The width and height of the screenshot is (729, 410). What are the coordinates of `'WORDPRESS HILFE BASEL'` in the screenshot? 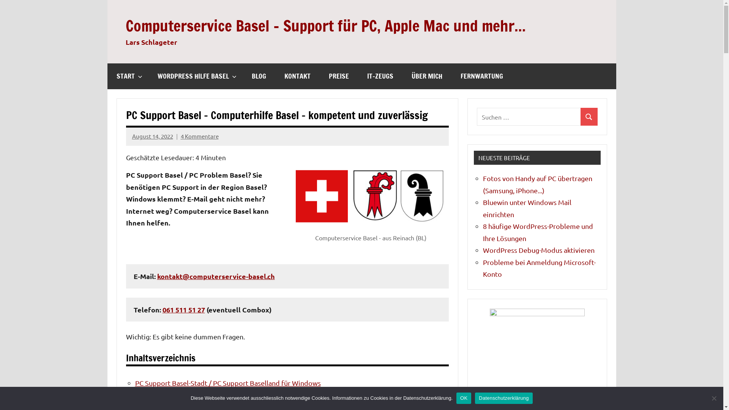 It's located at (195, 76).